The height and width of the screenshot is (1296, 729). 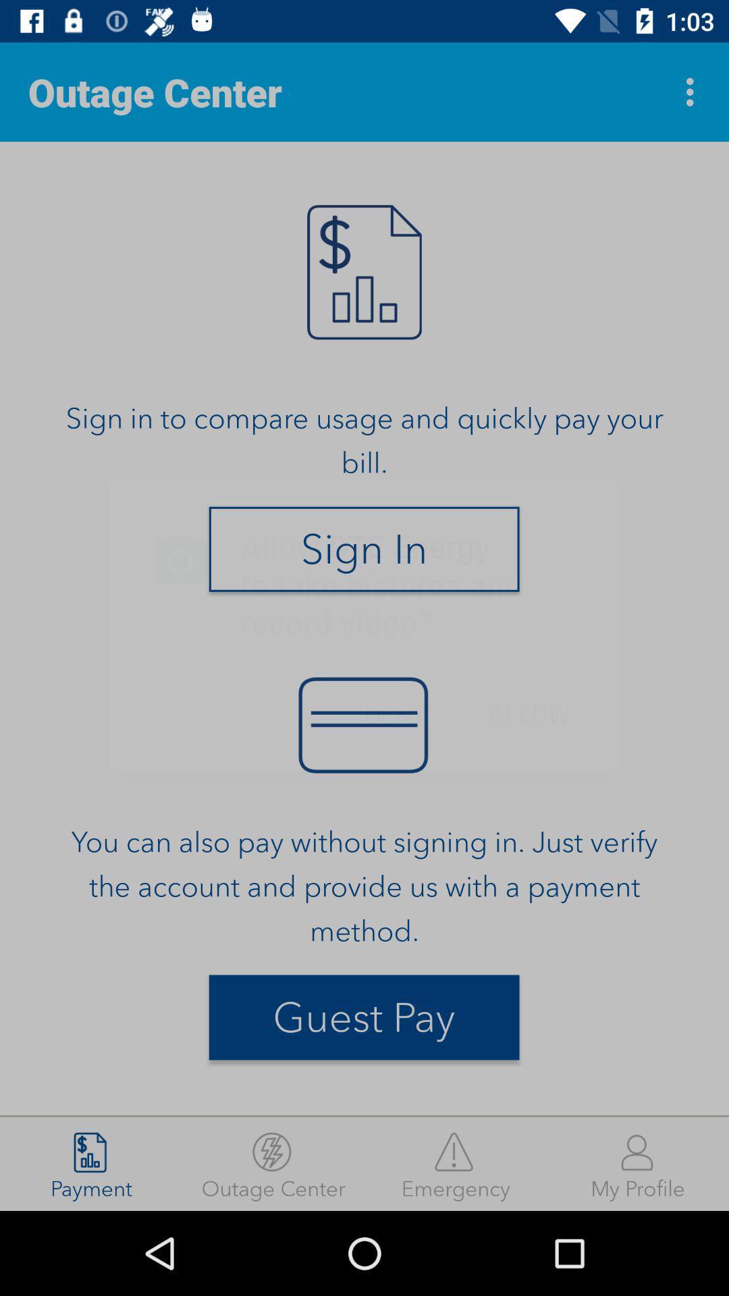 I want to click on the item to the right of the outage center, so click(x=456, y=1163).